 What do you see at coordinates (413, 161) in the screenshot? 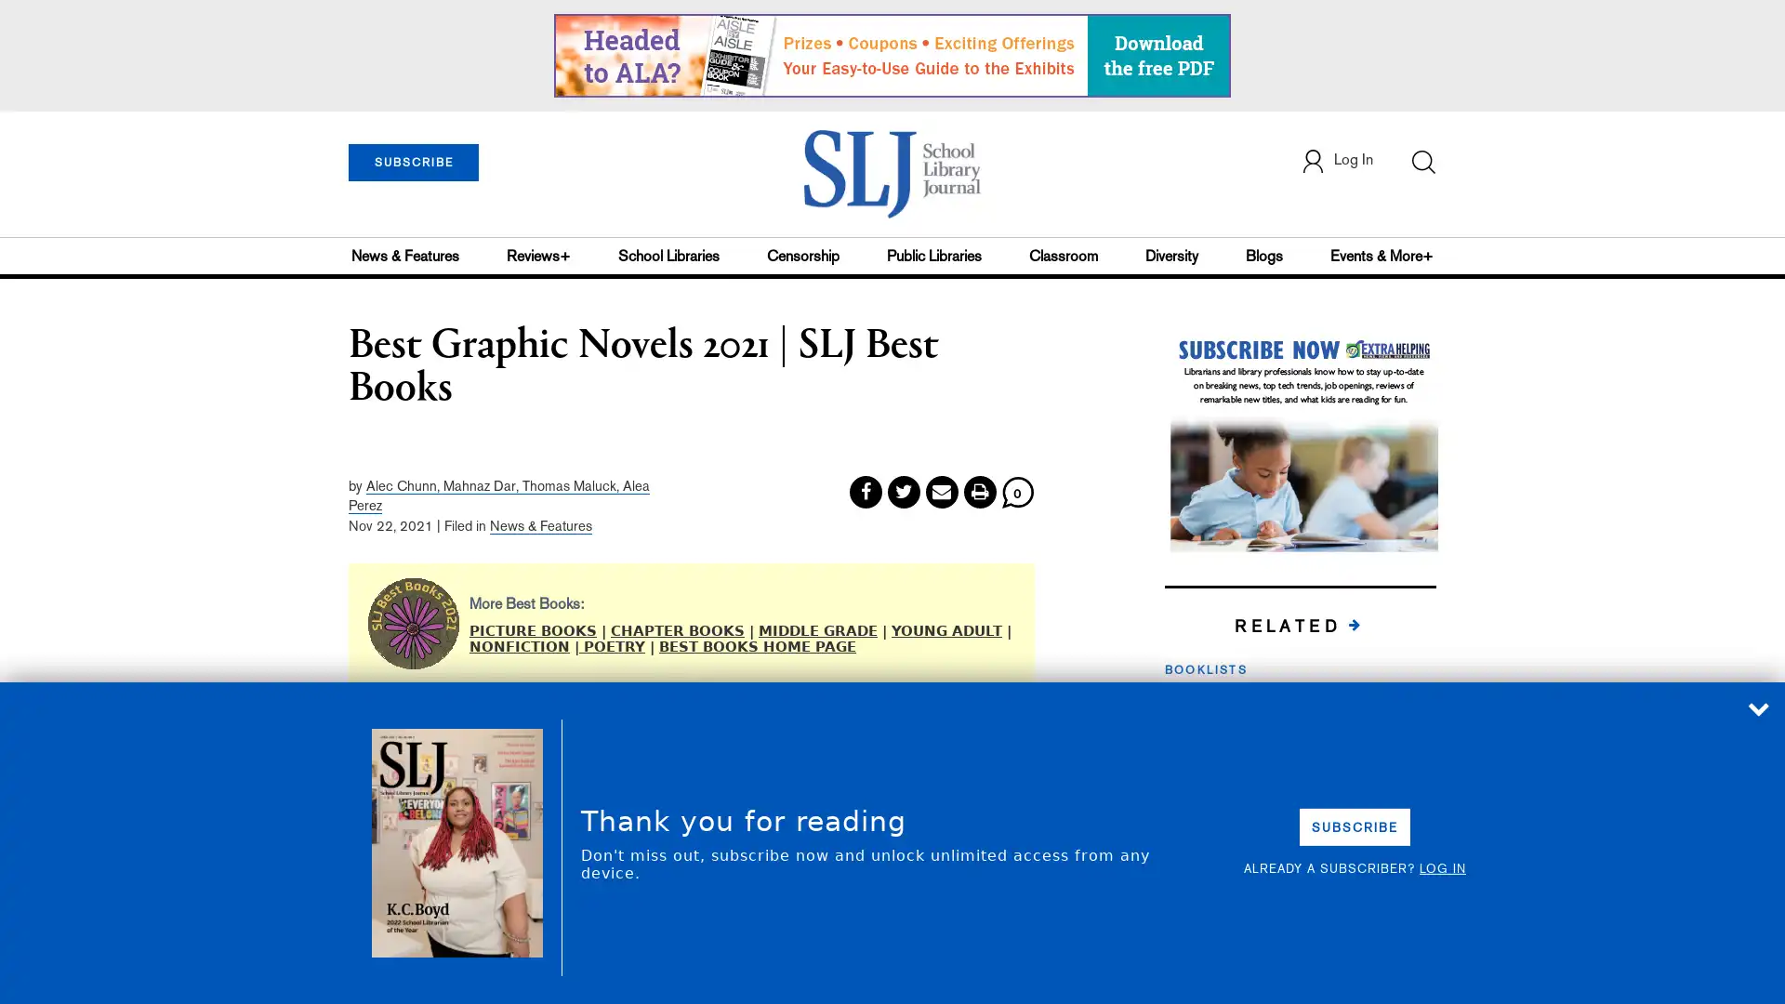
I see `SUBSCRIBE` at bounding box center [413, 161].